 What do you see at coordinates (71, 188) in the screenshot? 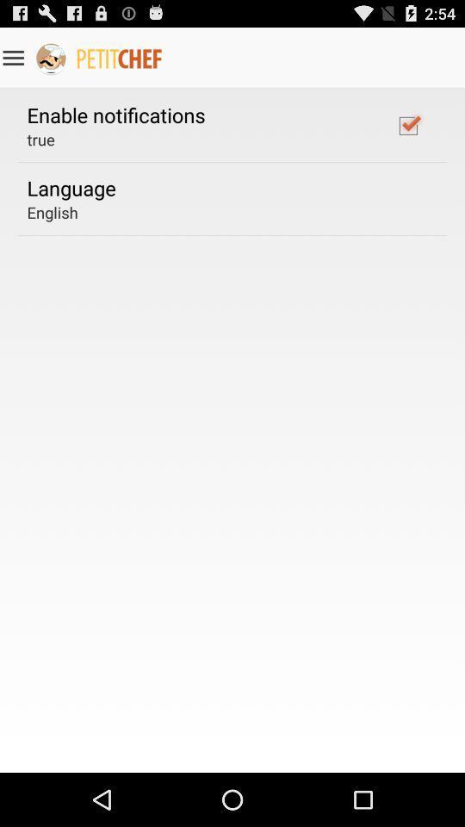
I see `the item below the true item` at bounding box center [71, 188].